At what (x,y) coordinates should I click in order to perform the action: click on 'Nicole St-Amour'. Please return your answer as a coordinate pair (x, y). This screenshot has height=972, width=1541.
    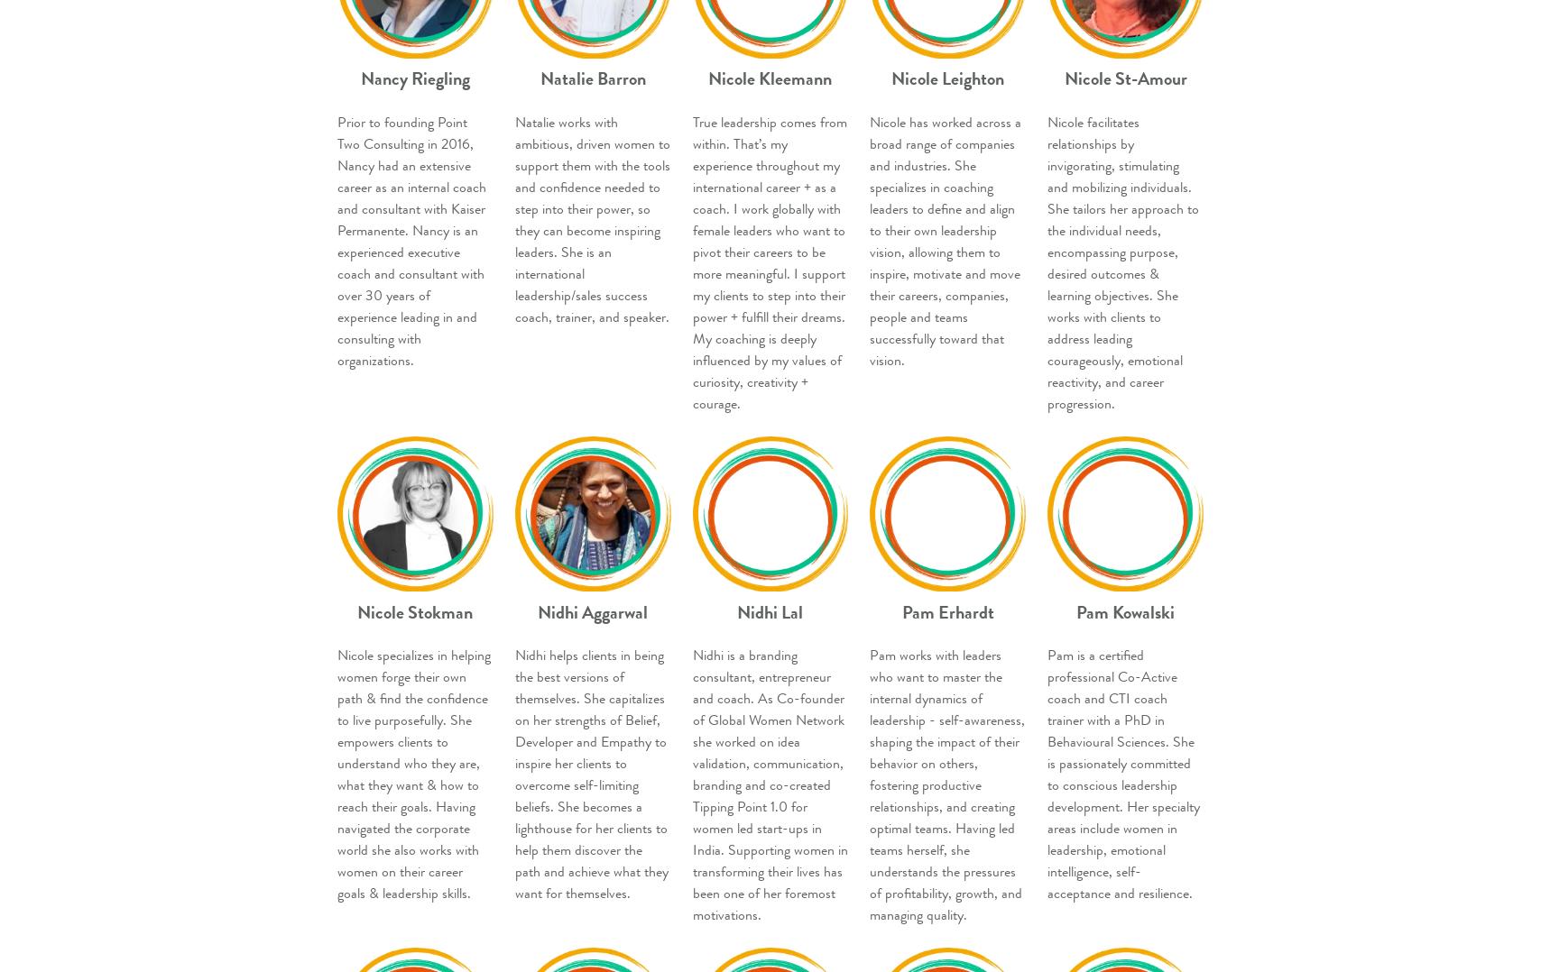
    Looking at the image, I should click on (1125, 78).